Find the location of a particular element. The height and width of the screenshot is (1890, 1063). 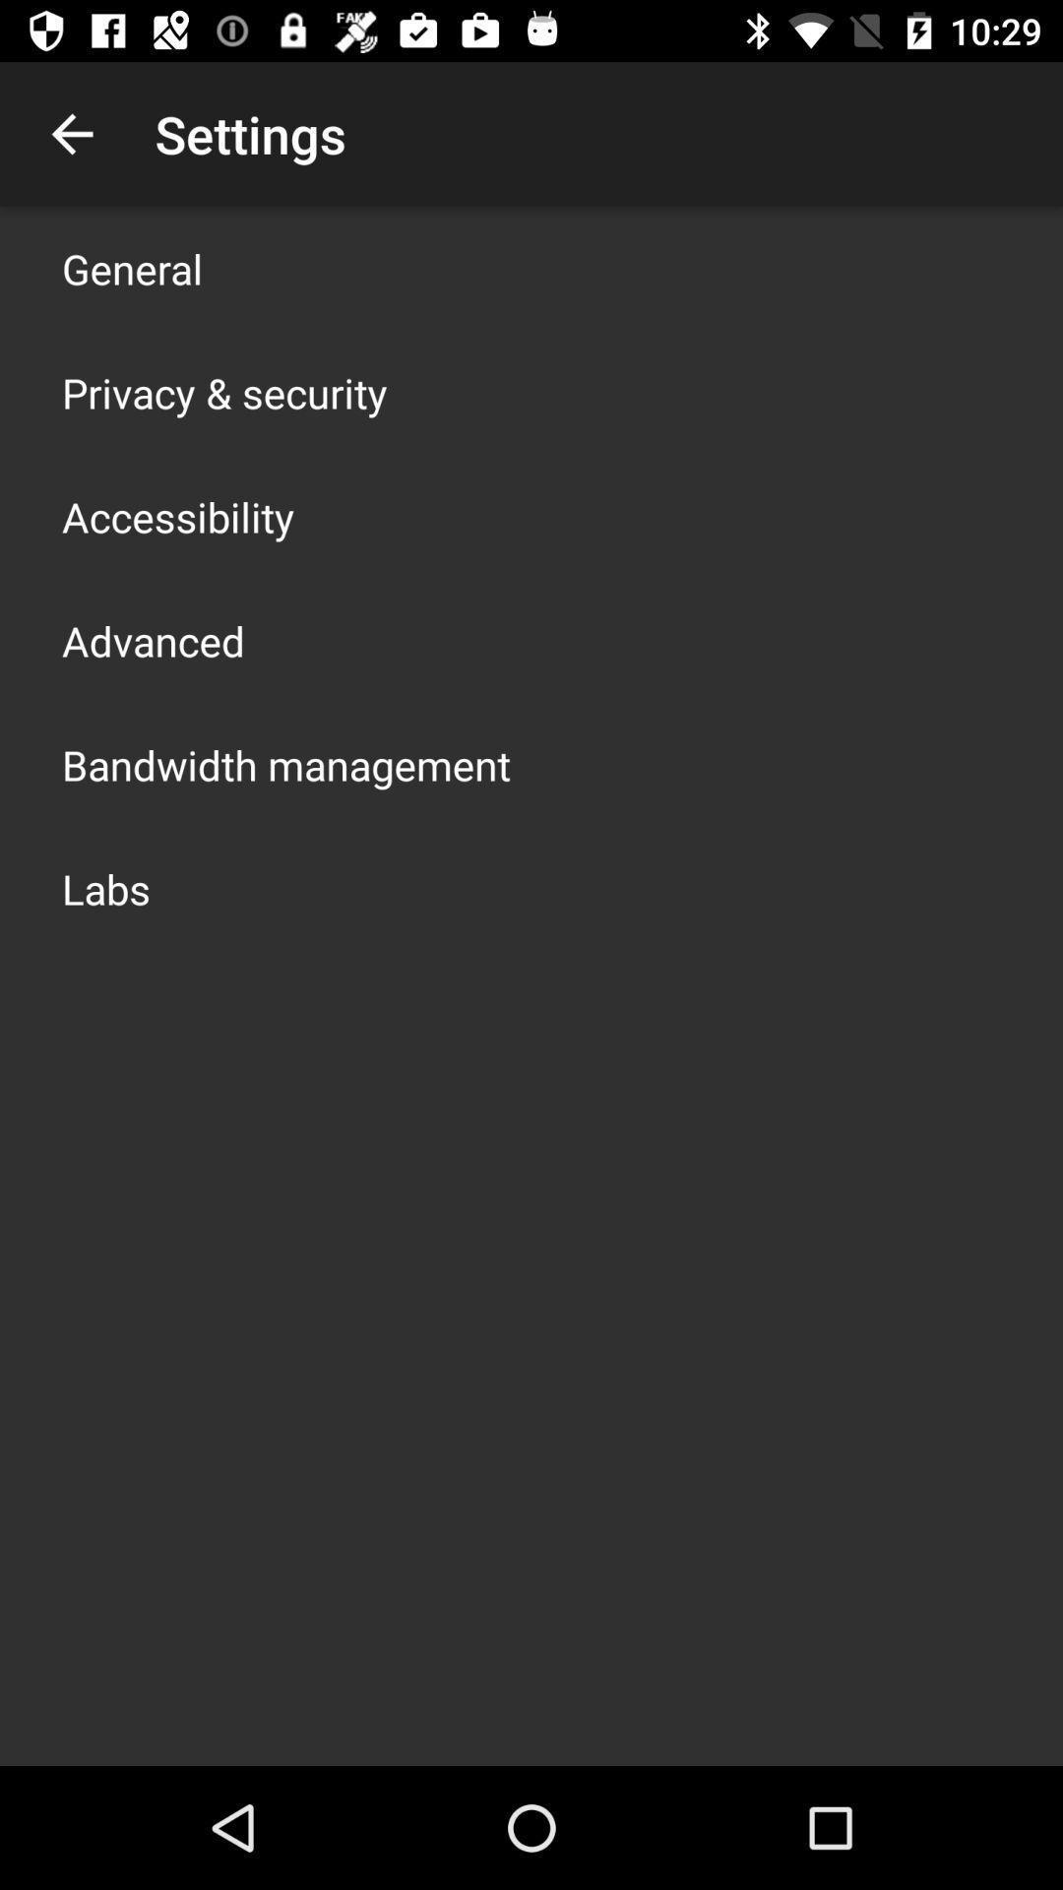

icon below the bandwidth management item is located at coordinates (106, 887).